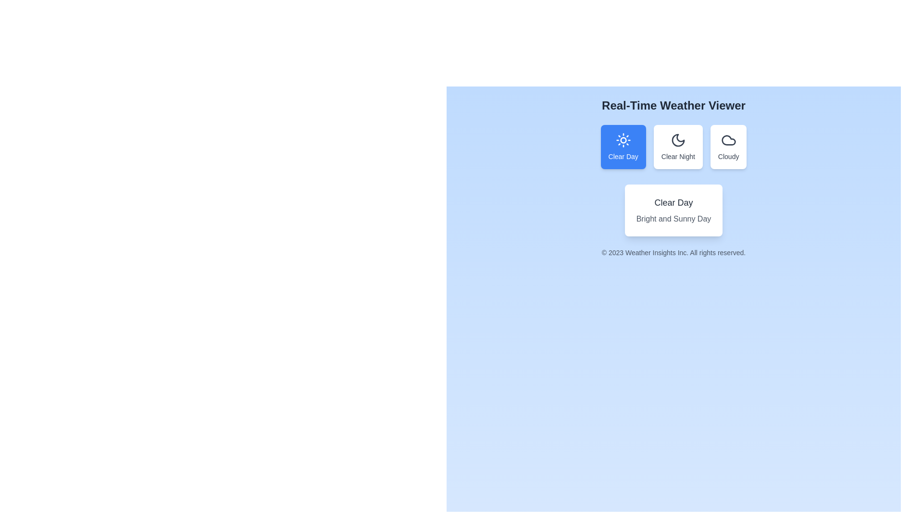  Describe the element at coordinates (673, 105) in the screenshot. I see `the bold text heading 'Real-Time Weather Viewer' located at the top-center of the interactive interface with a light blue background` at that location.